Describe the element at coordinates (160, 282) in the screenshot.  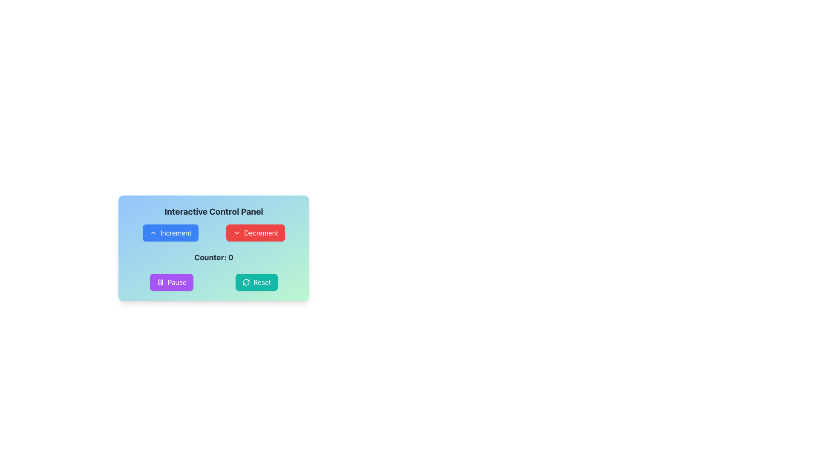
I see `the 'Pause' SVG icon located to the left of the text 'Pause' within the 'Pause' button on the control panel at the bottom center of the interface` at that location.